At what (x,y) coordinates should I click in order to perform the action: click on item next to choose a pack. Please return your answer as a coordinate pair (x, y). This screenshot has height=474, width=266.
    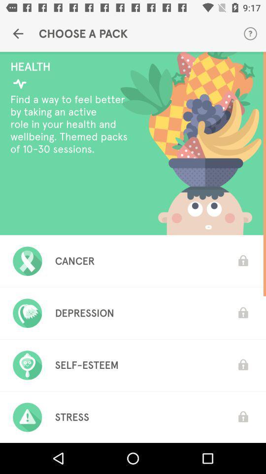
    Looking at the image, I should click on (18, 34).